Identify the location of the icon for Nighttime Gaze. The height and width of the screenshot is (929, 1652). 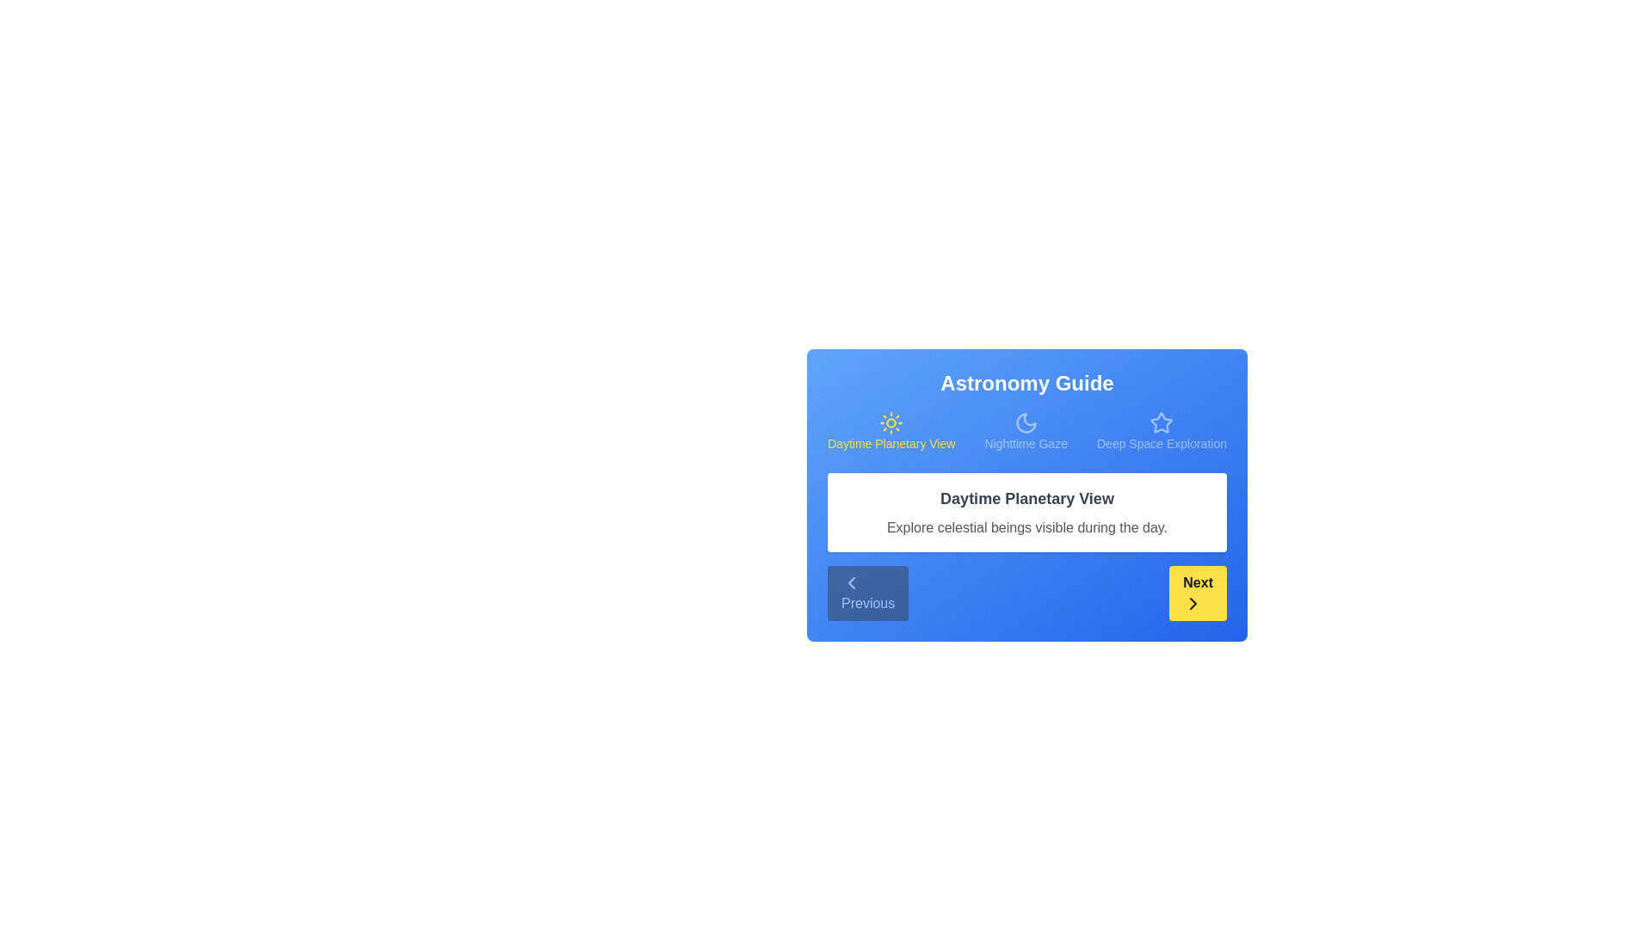
(1025, 423).